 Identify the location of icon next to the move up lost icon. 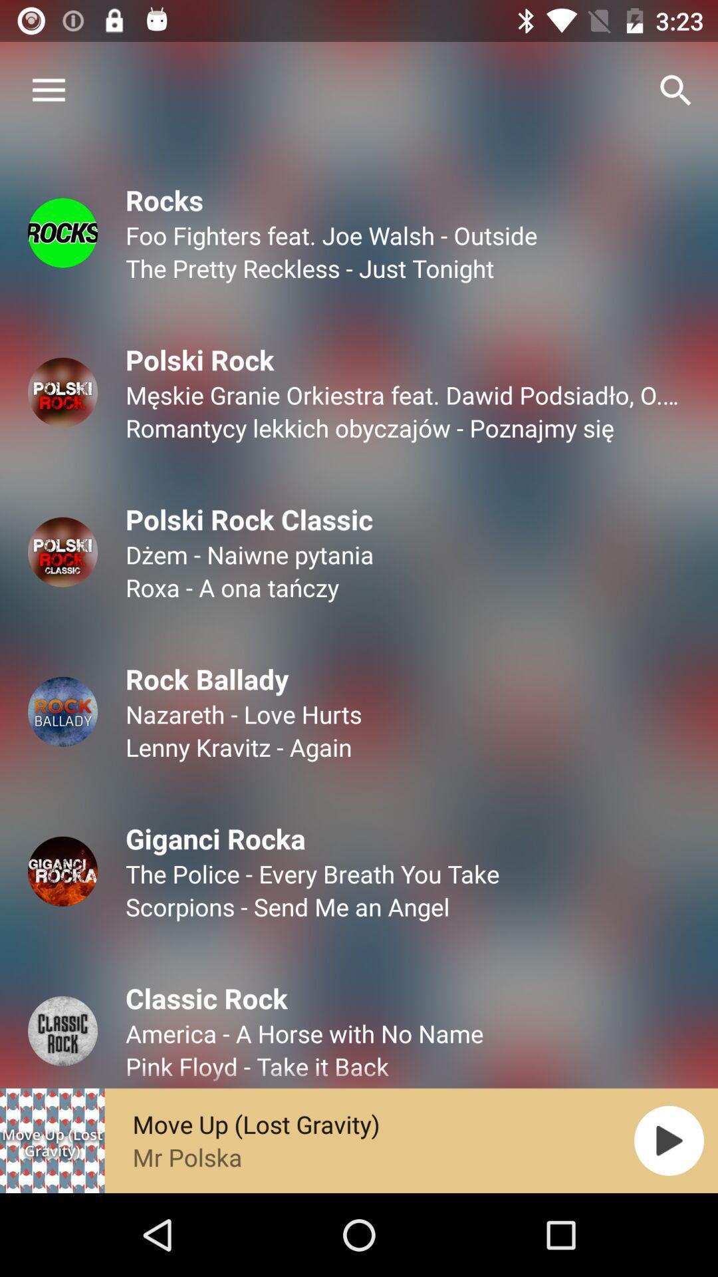
(669, 1140).